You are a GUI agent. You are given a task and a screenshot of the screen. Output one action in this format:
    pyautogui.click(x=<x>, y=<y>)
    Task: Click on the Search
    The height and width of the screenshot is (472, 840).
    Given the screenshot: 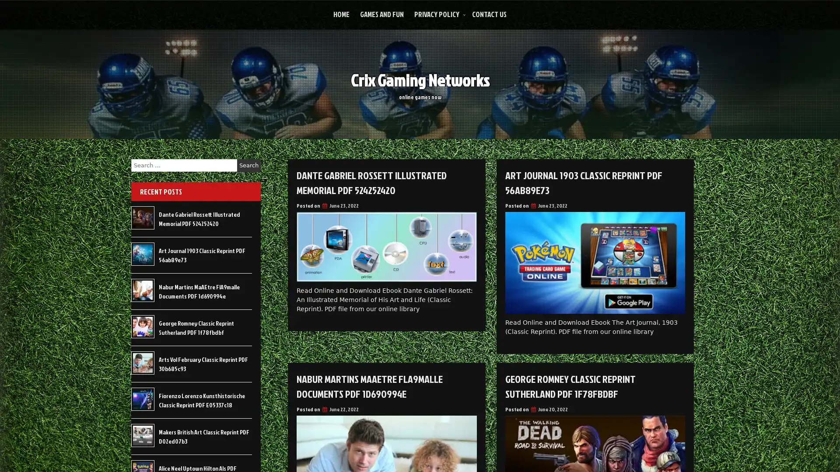 What is the action you would take?
    pyautogui.click(x=248, y=165)
    